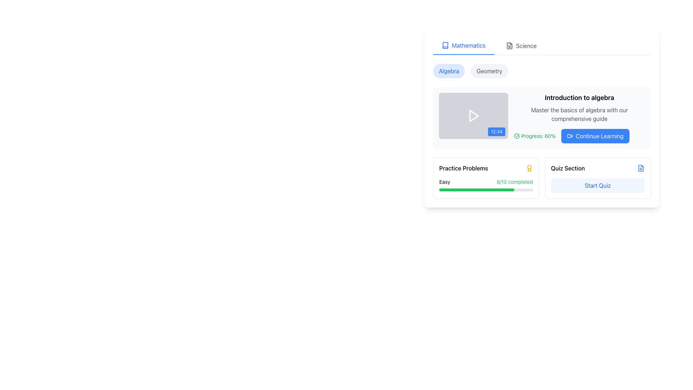 The width and height of the screenshot is (693, 390). I want to click on the circular graphic element within the award icon SVG, which is styled as a badge or medal and has a golden appearance, so click(529, 167).